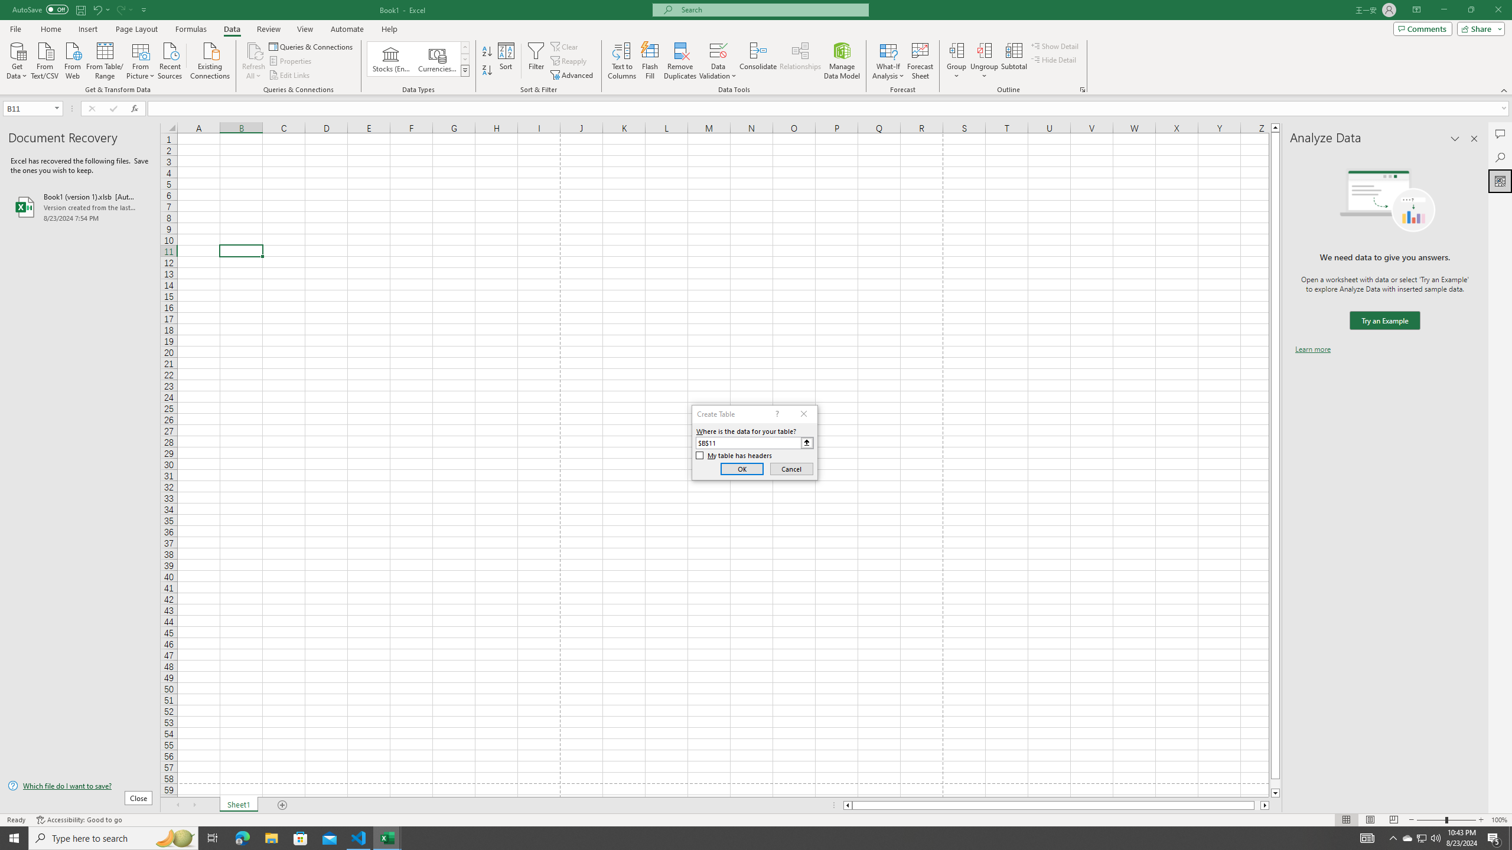 The height and width of the screenshot is (850, 1512). What do you see at coordinates (758, 61) in the screenshot?
I see `'Consolidate...'` at bounding box center [758, 61].